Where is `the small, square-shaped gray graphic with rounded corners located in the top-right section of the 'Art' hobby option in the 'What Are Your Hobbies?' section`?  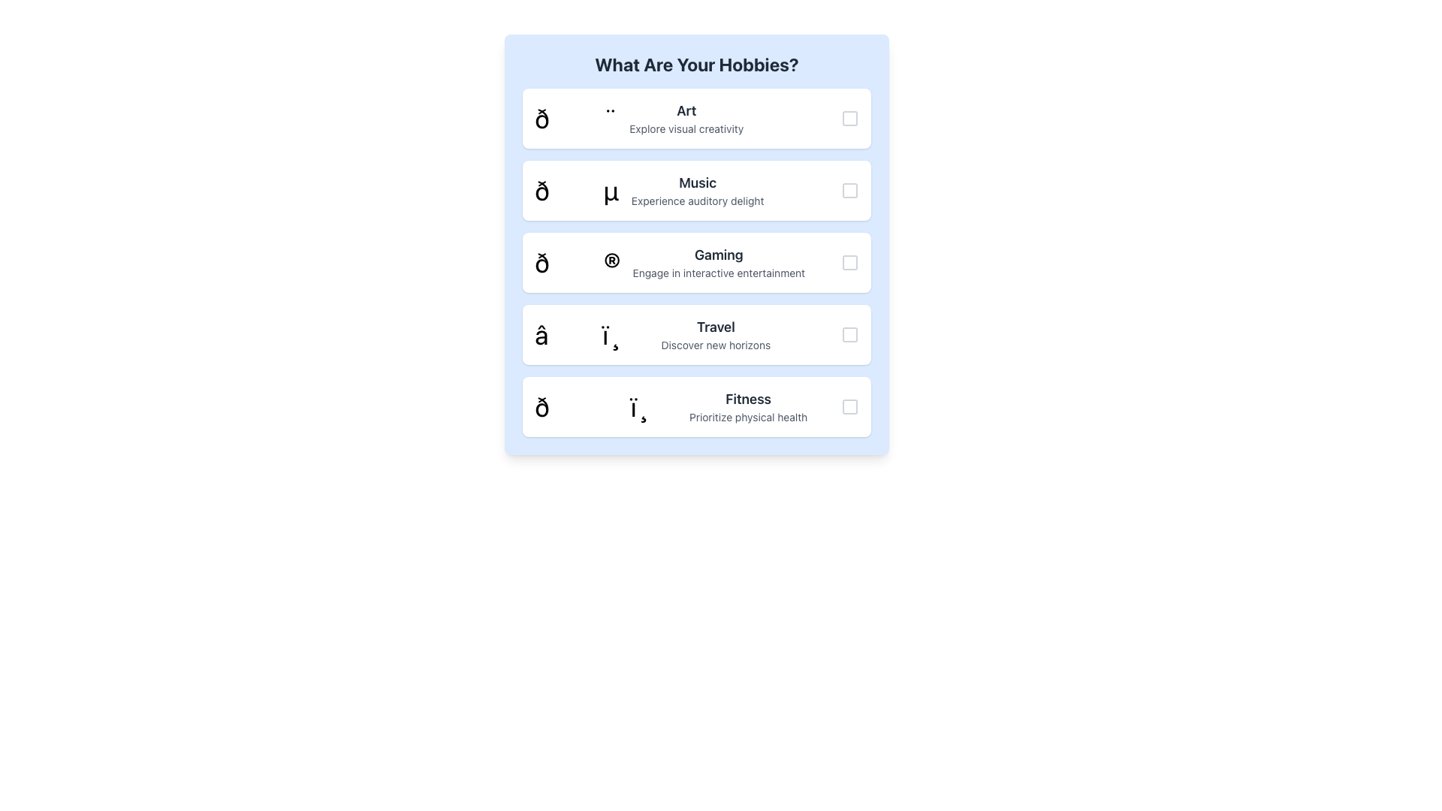
the small, square-shaped gray graphic with rounded corners located in the top-right section of the 'Art' hobby option in the 'What Are Your Hobbies?' section is located at coordinates (850, 118).